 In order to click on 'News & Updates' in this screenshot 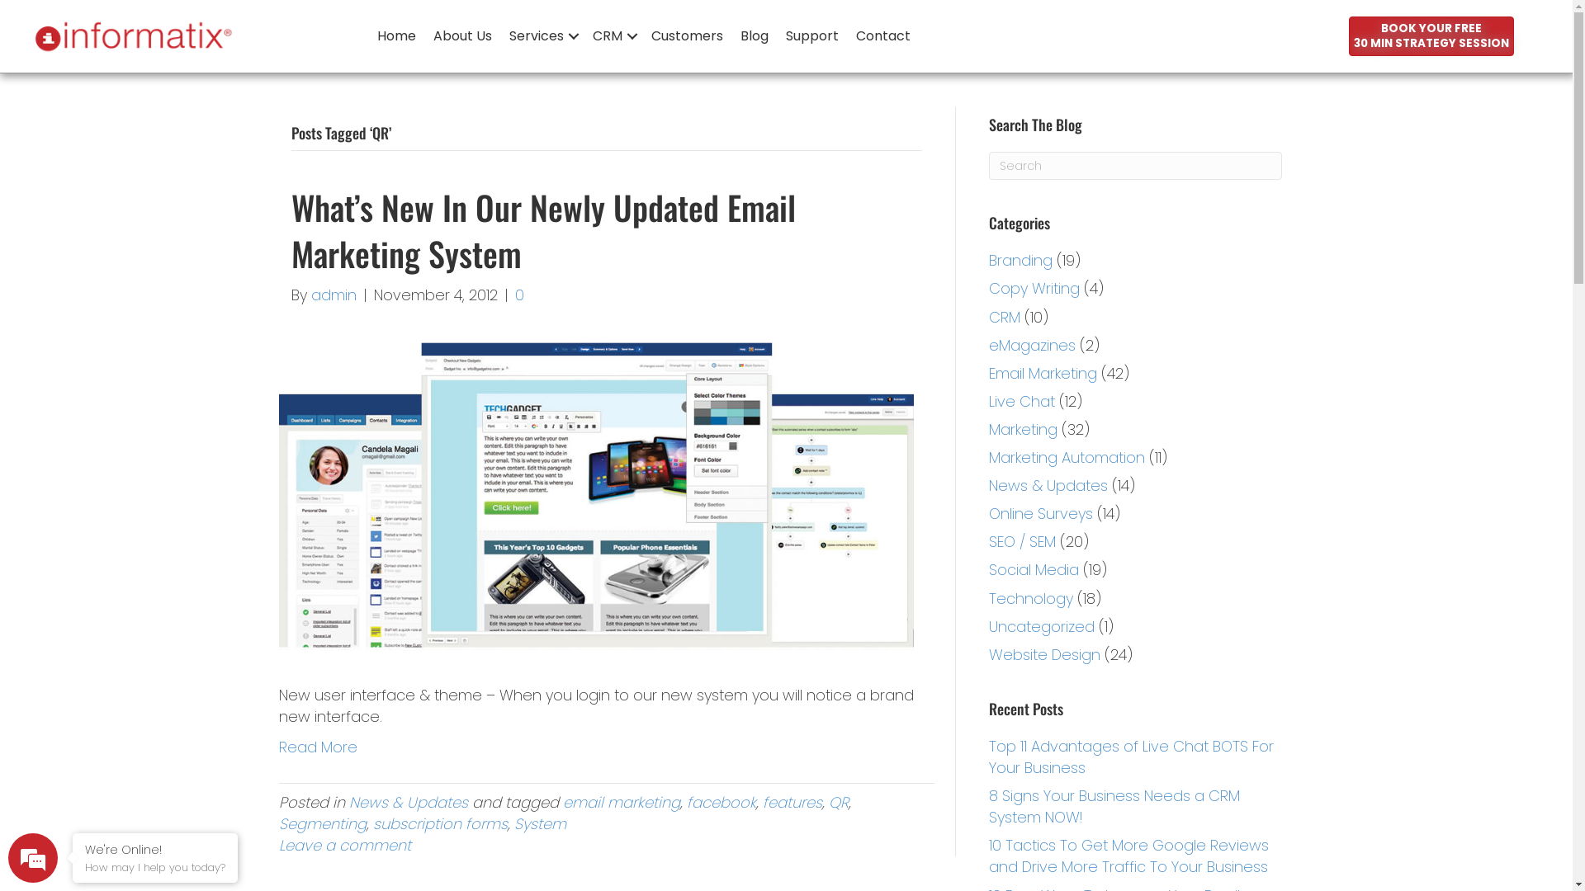, I will do `click(408, 801)`.